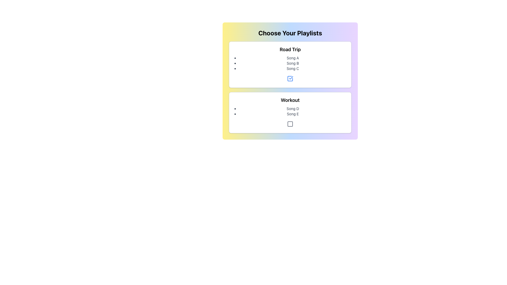 The width and height of the screenshot is (507, 285). I want to click on the text label displaying 'Song B', which is the second item in the song list, styled in mid-dark gray color, so click(292, 63).